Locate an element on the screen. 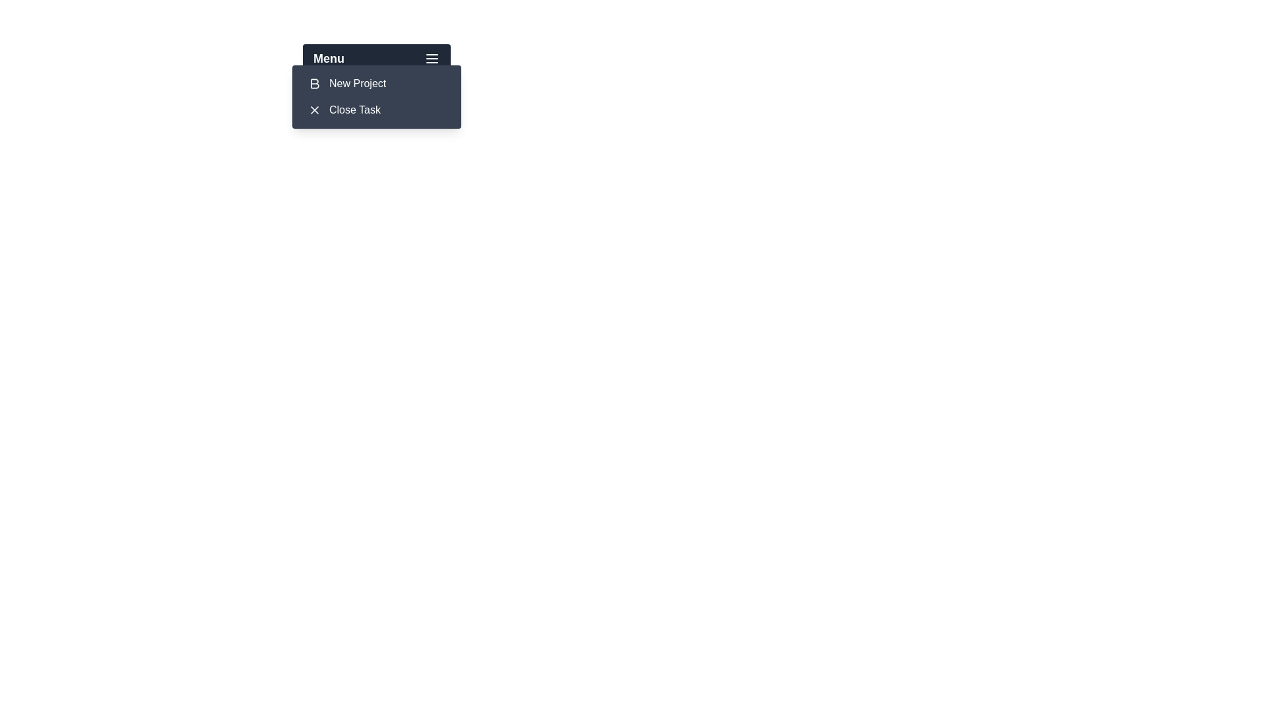 This screenshot has width=1267, height=713. the close icon located to the left of the 'Close Task' text in the contextual menu is located at coordinates (313, 109).